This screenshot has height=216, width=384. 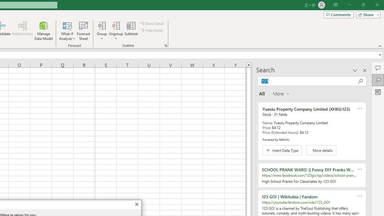 I want to click on 'Hide Detail', so click(x=151, y=30).